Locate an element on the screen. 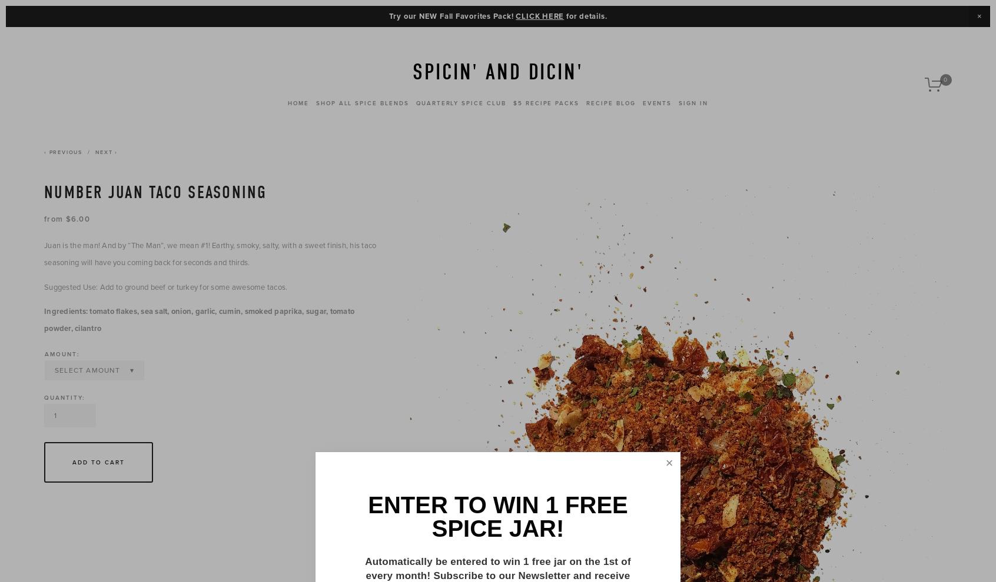  'Quantity:' is located at coordinates (64, 397).